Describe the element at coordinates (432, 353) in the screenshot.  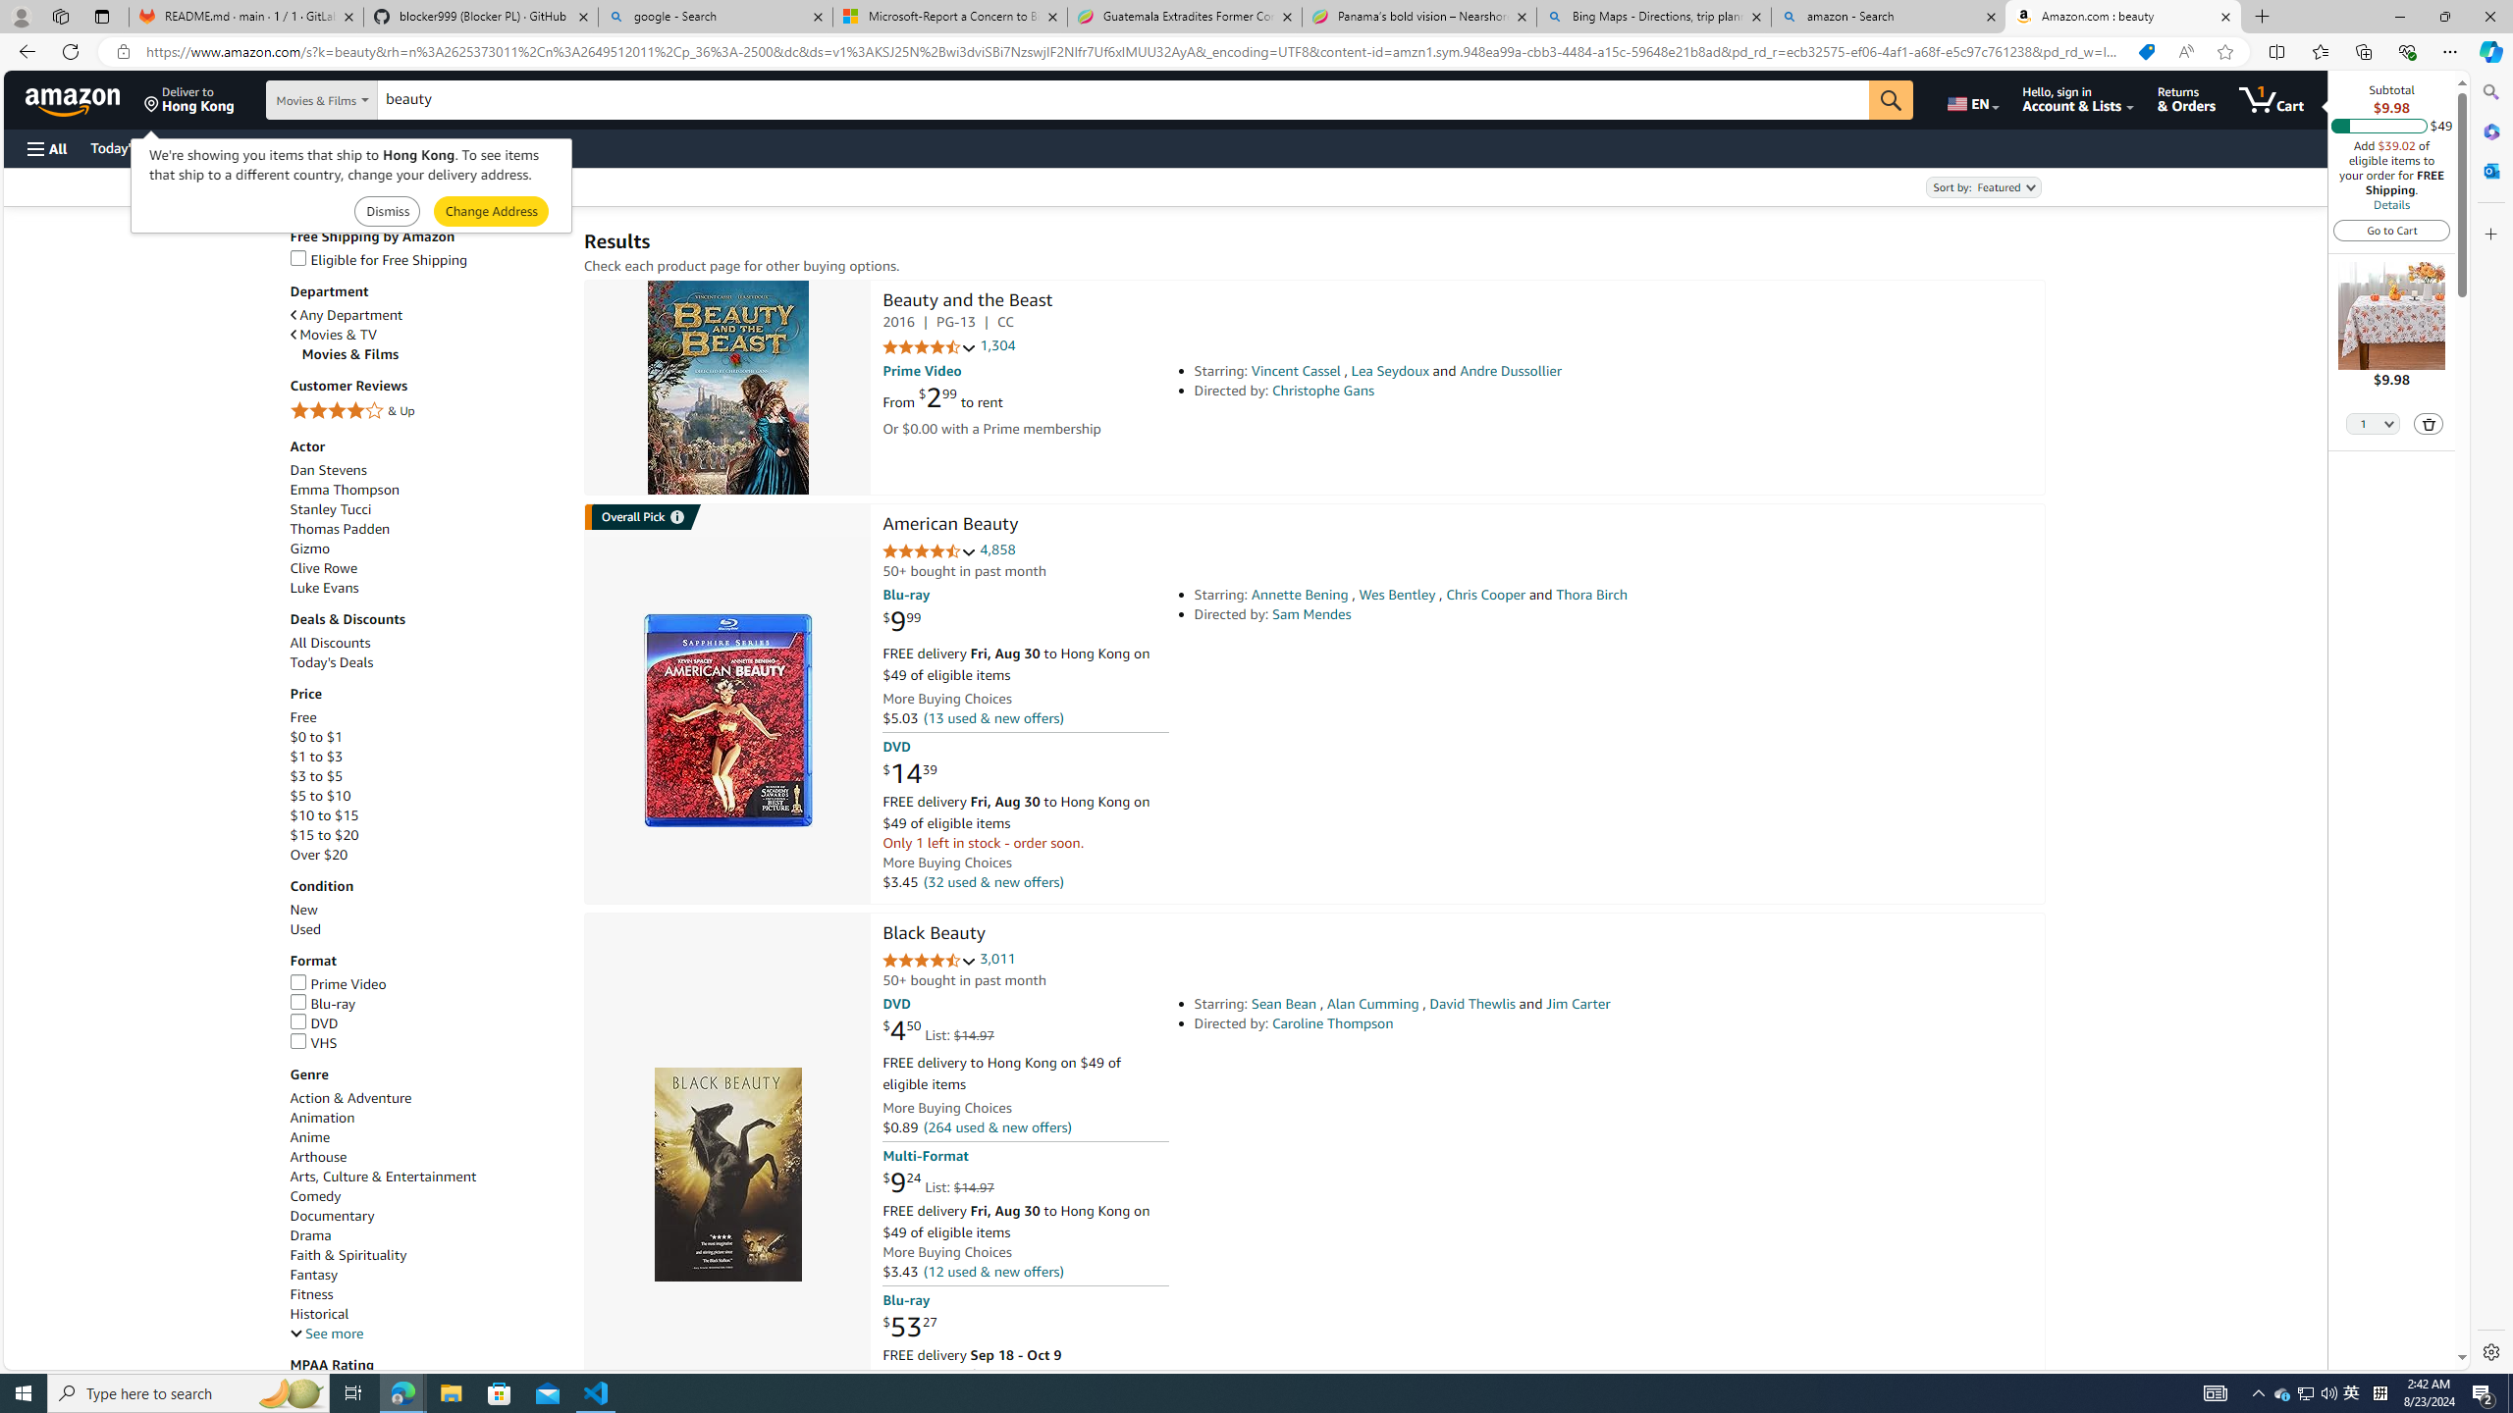
I see `'Movies & Films'` at that location.